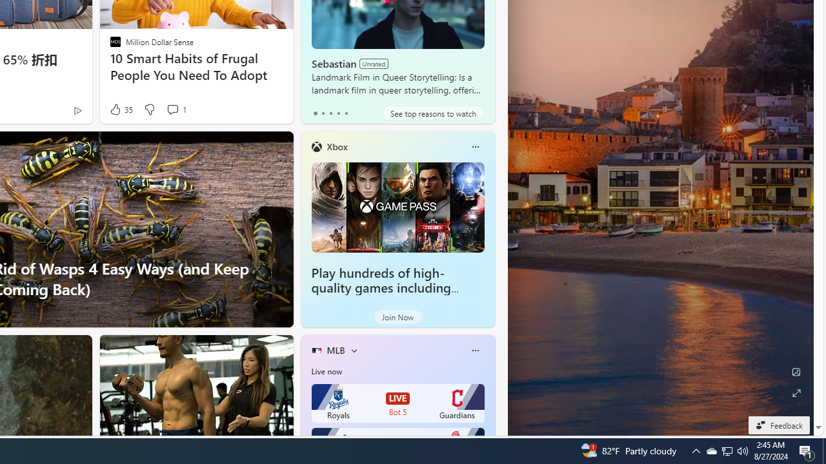 This screenshot has width=826, height=464. Describe the element at coordinates (323, 113) in the screenshot. I see `'tab-1'` at that location.